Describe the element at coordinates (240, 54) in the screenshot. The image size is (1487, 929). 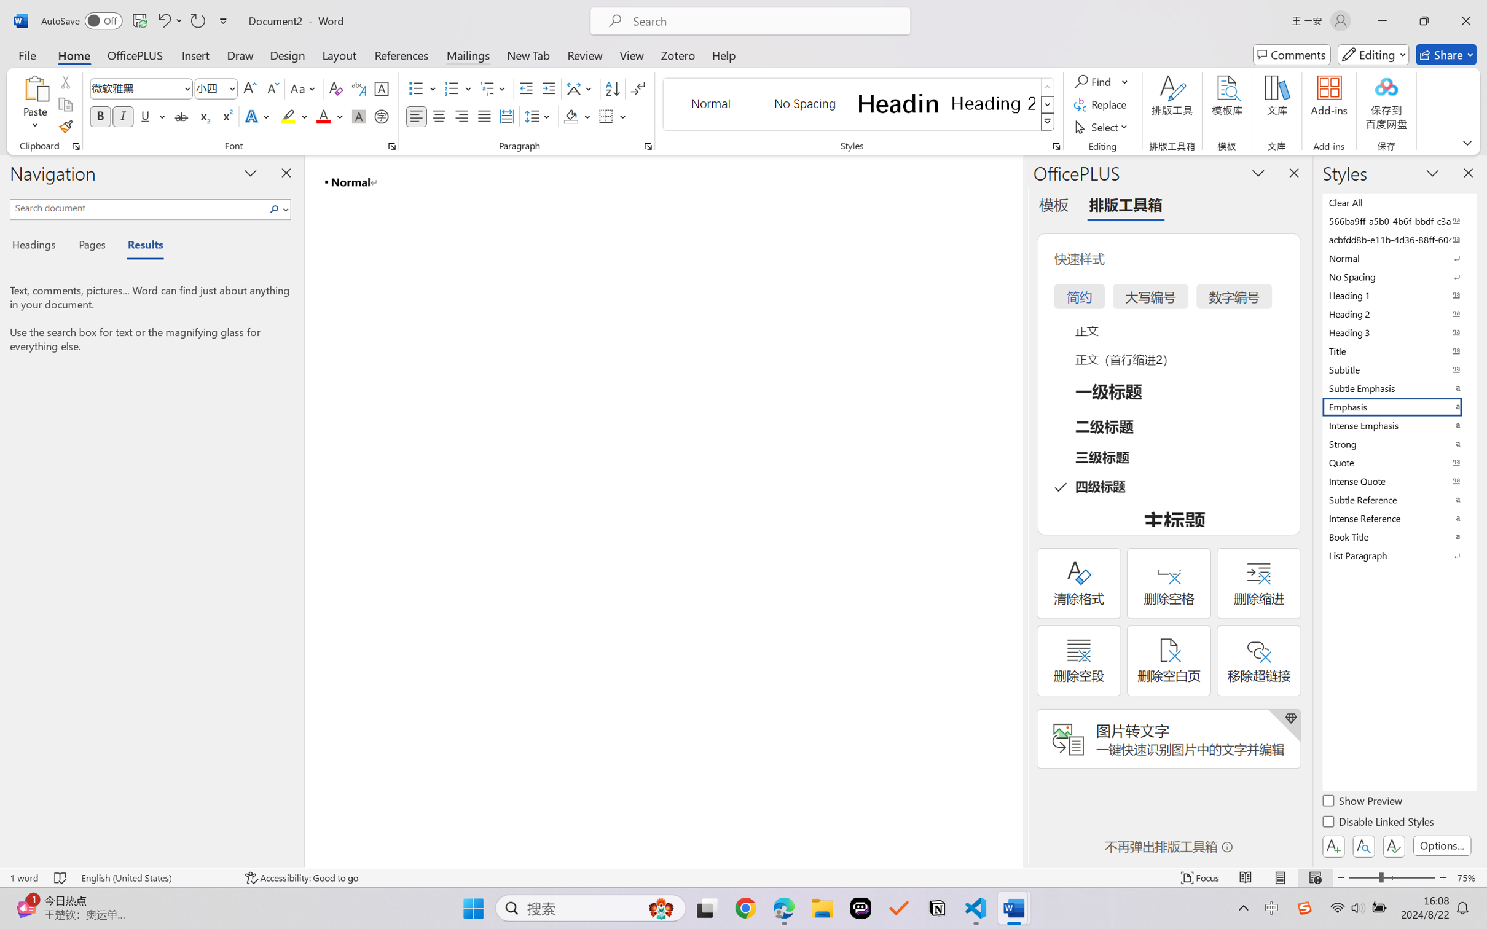
I see `'Draw'` at that location.